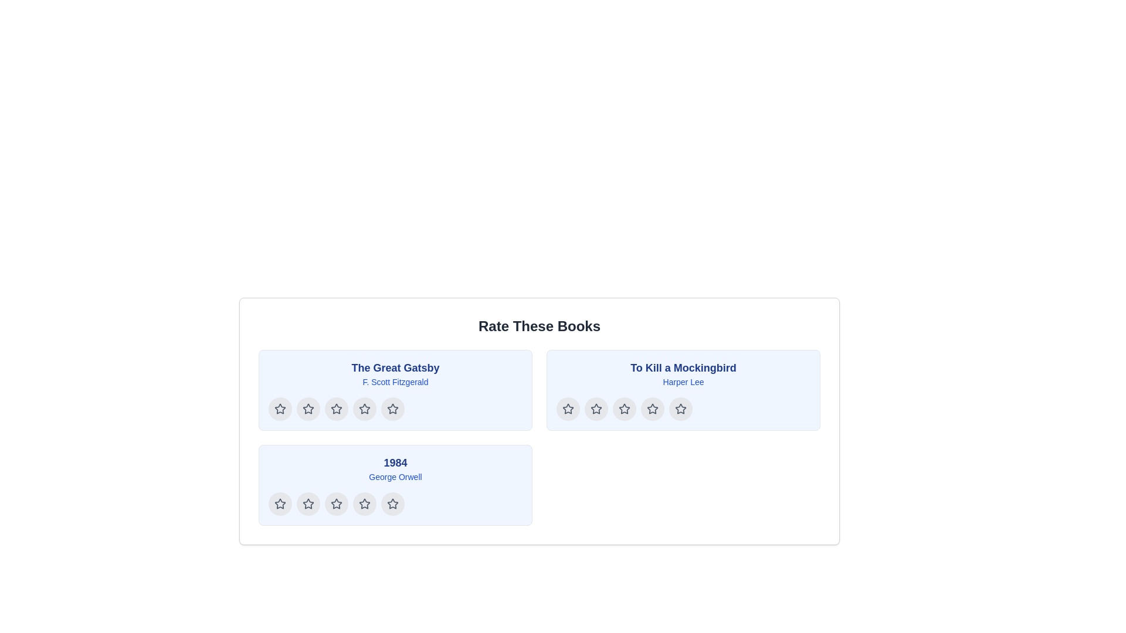 The image size is (1126, 633). What do you see at coordinates (568, 408) in the screenshot?
I see `the second star icon in the rating section for 'To Kill a Mockingbird'` at bounding box center [568, 408].